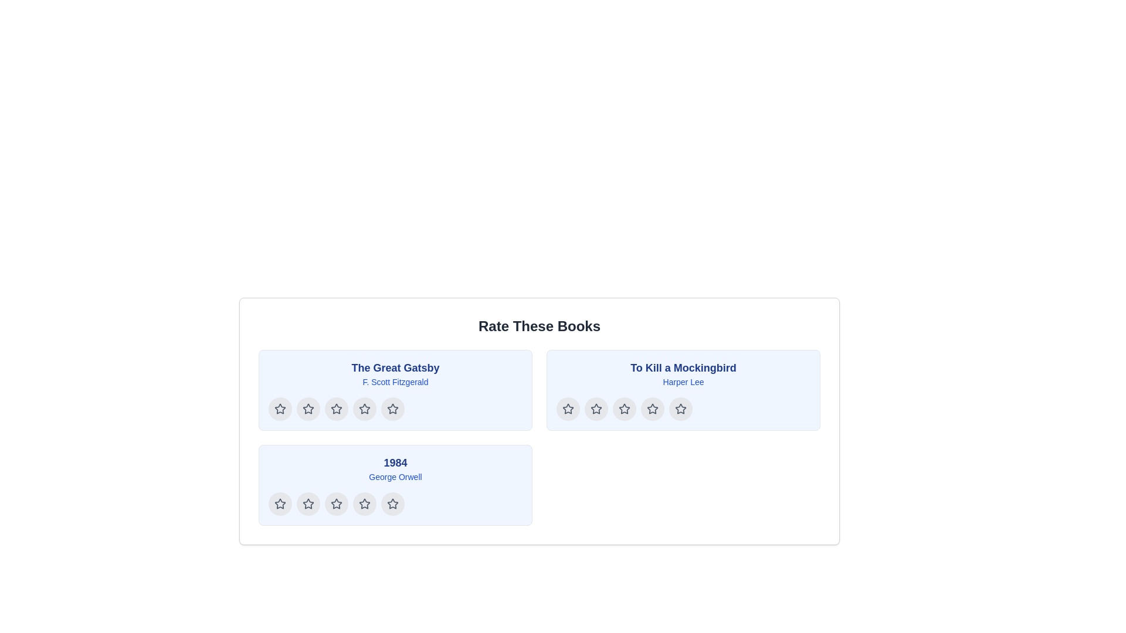 The image size is (1126, 633). What do you see at coordinates (568, 408) in the screenshot?
I see `the second star icon in the rating section for 'To Kill a Mockingbird'` at bounding box center [568, 408].